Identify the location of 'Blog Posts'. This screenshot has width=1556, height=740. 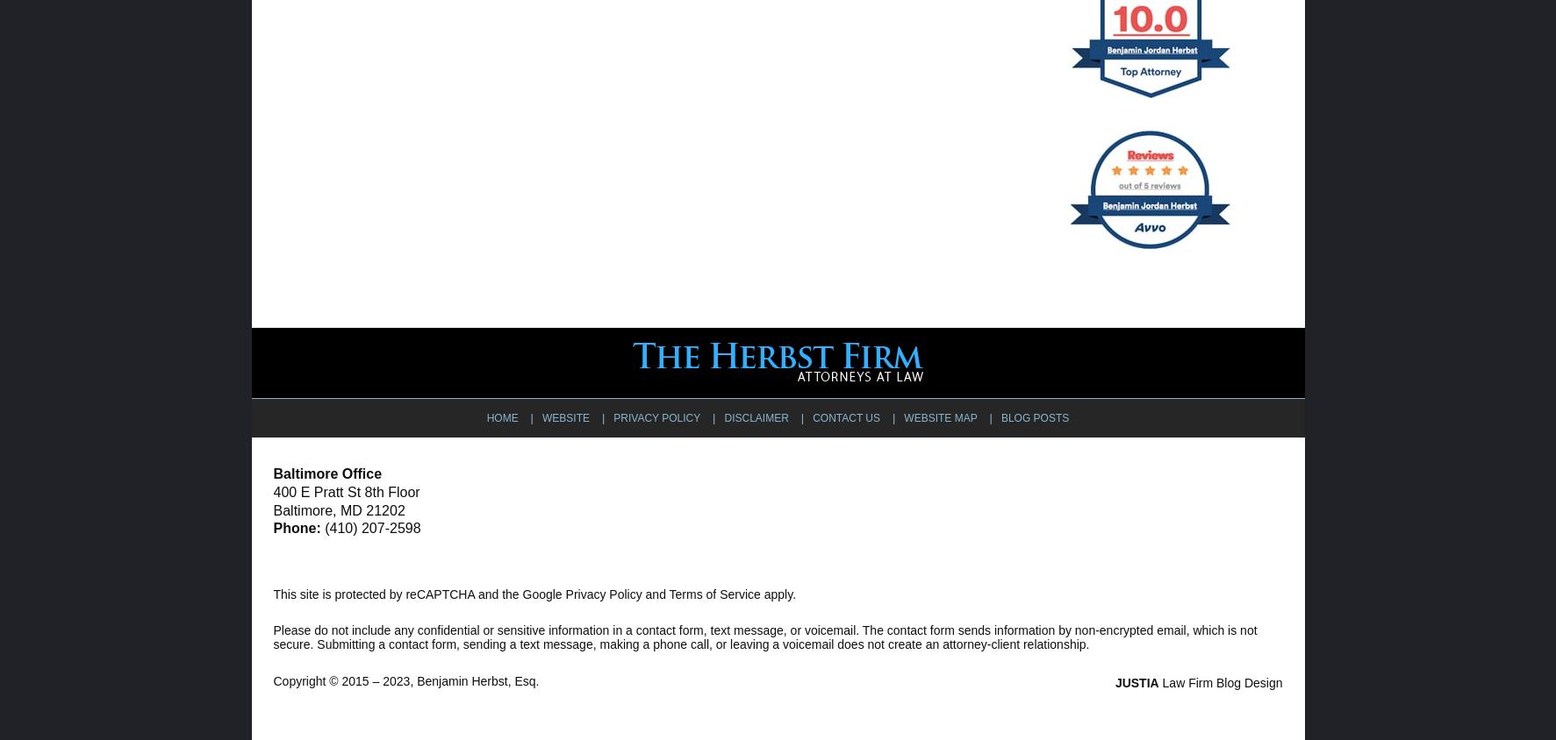
(1035, 416).